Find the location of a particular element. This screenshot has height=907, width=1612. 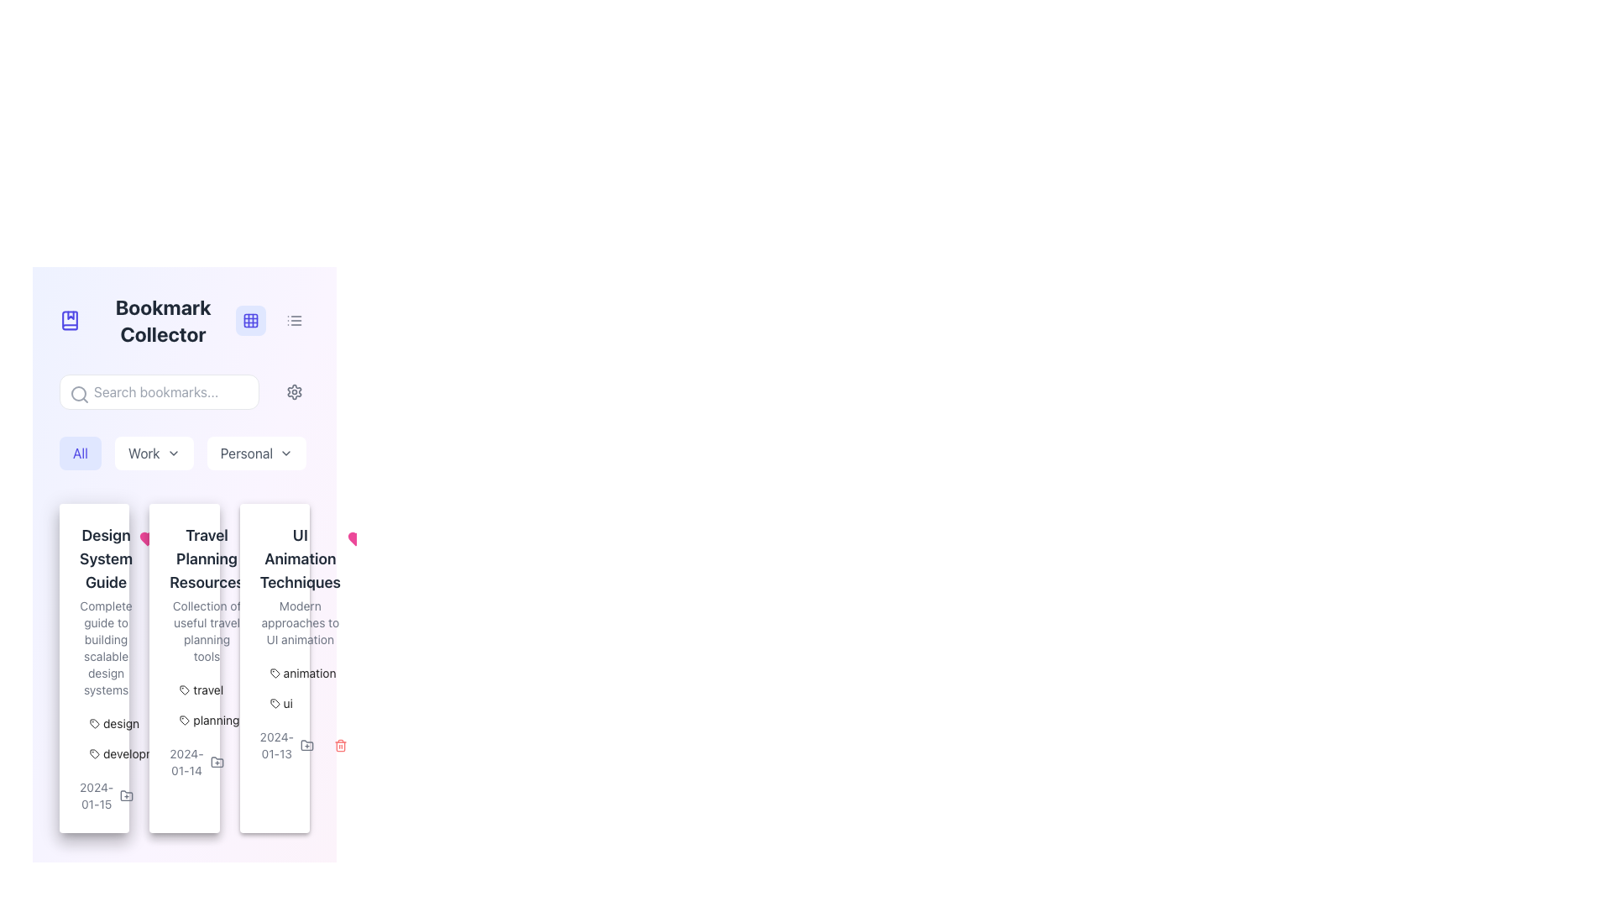

the 'animation' Tag label with icon located at the bottom section of the 'UI Animation Techniques' card for navigation is located at coordinates (303, 673).